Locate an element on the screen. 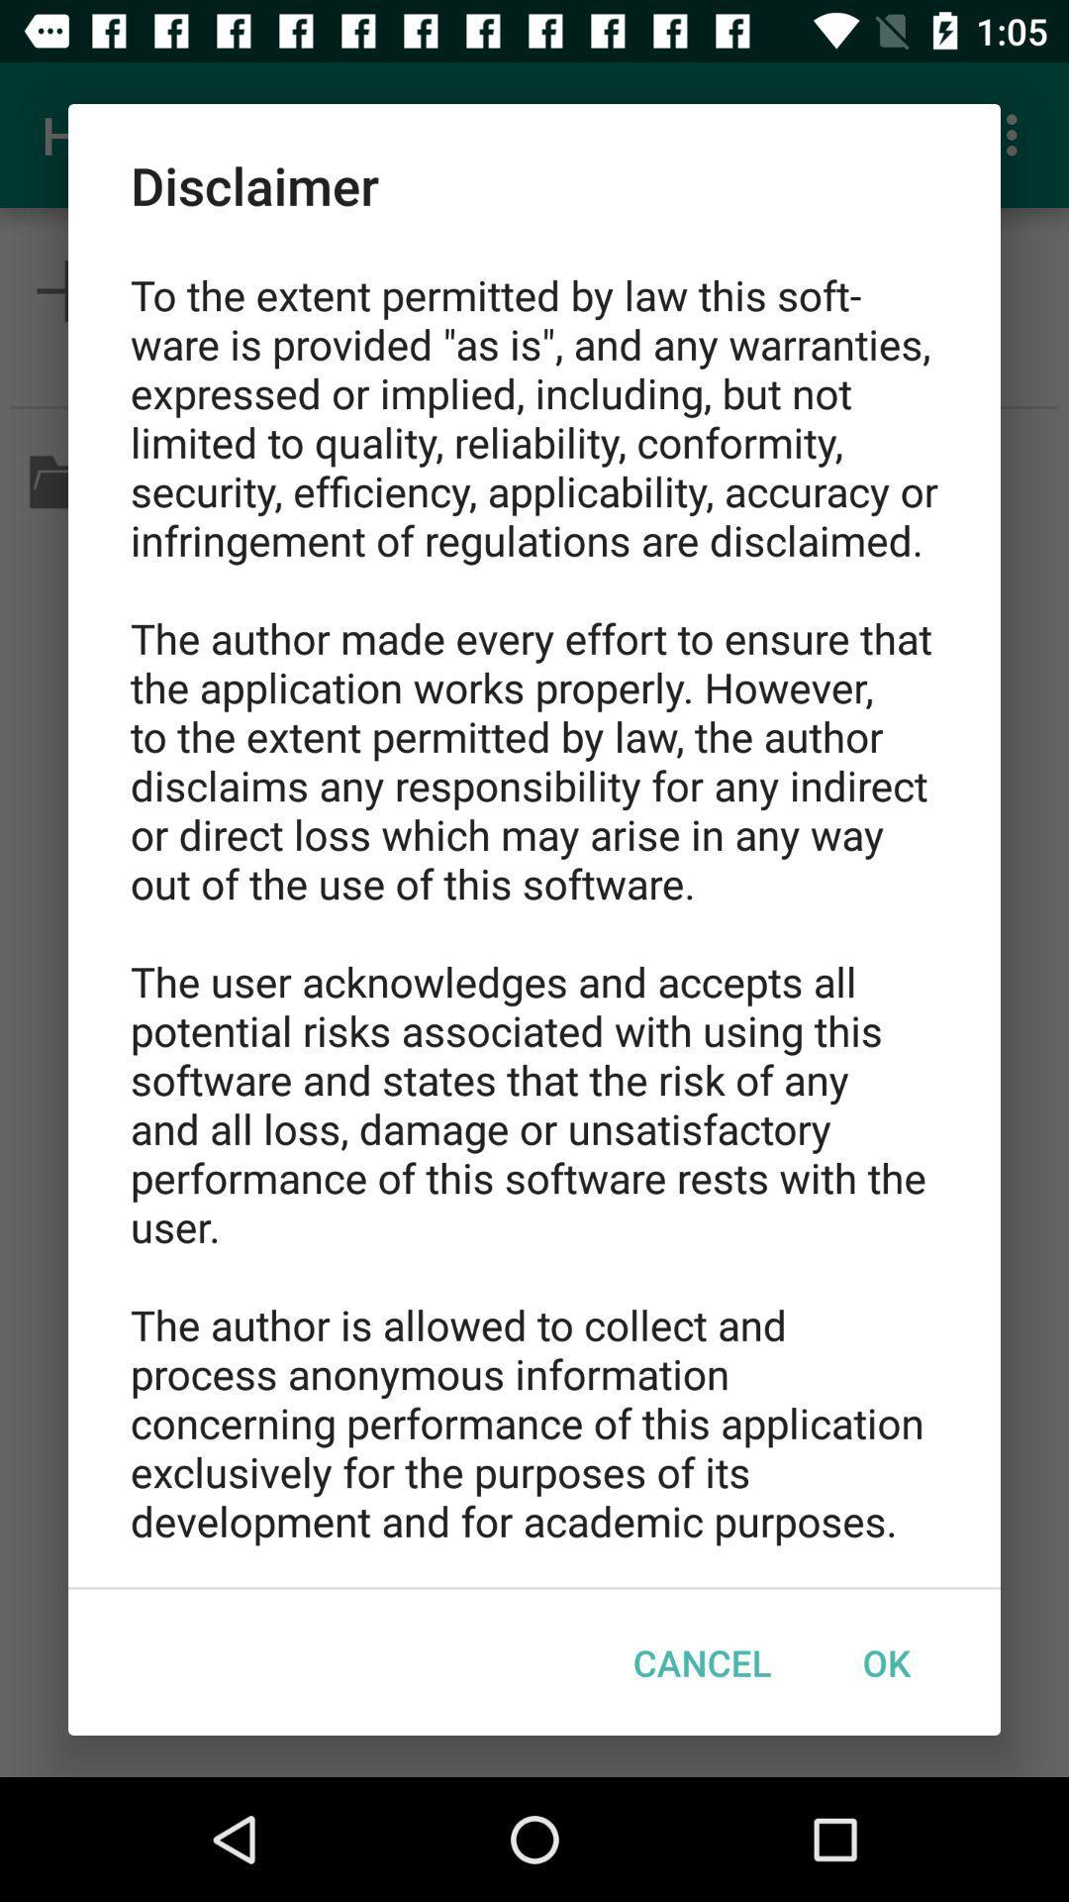 This screenshot has width=1069, height=1902. cancel item is located at coordinates (701, 1662).